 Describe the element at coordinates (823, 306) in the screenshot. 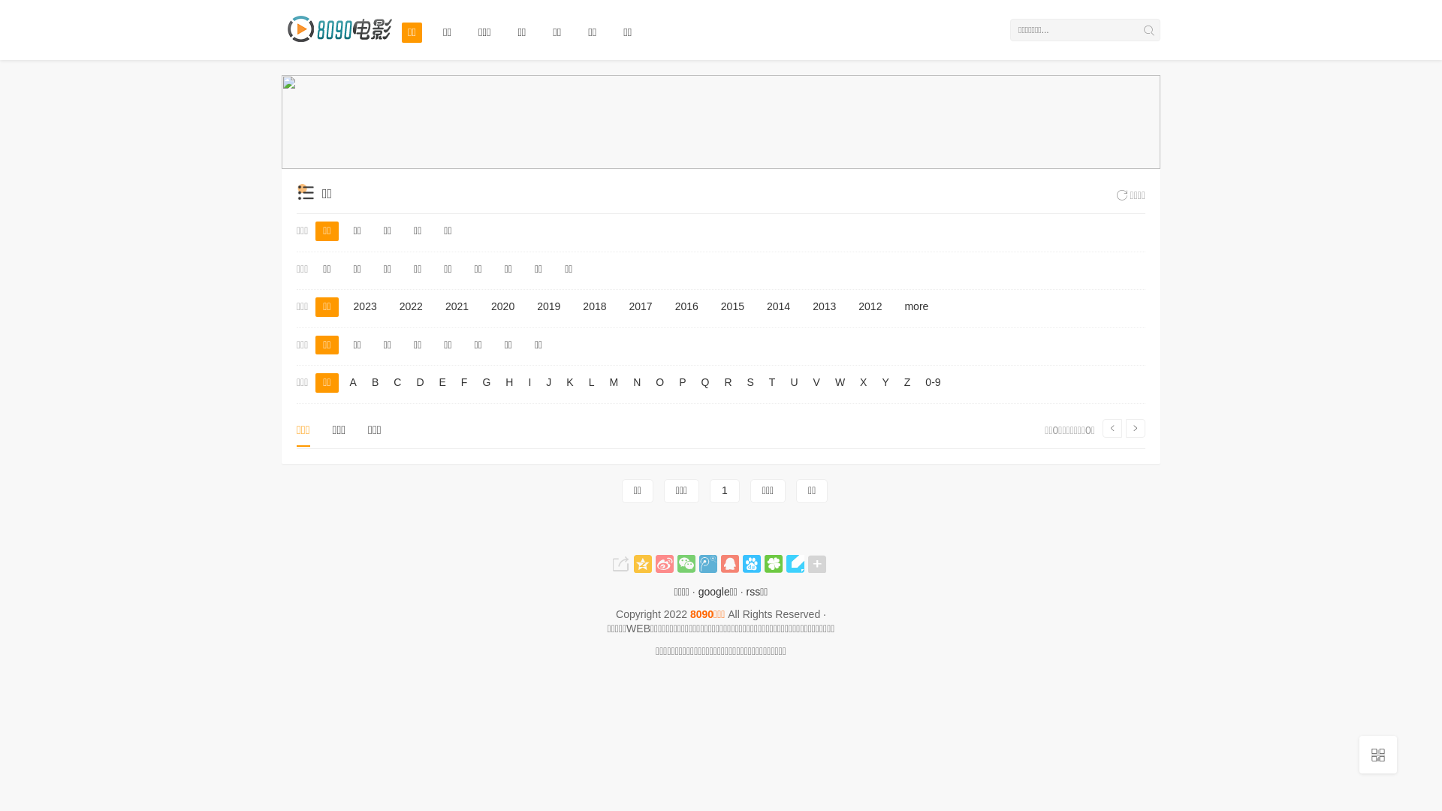

I see `'2013'` at that location.